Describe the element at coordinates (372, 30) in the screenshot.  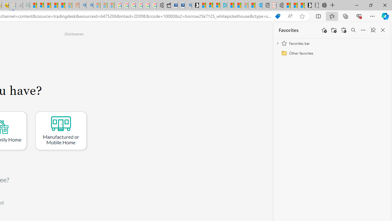
I see `'Unpin favorites'` at that location.